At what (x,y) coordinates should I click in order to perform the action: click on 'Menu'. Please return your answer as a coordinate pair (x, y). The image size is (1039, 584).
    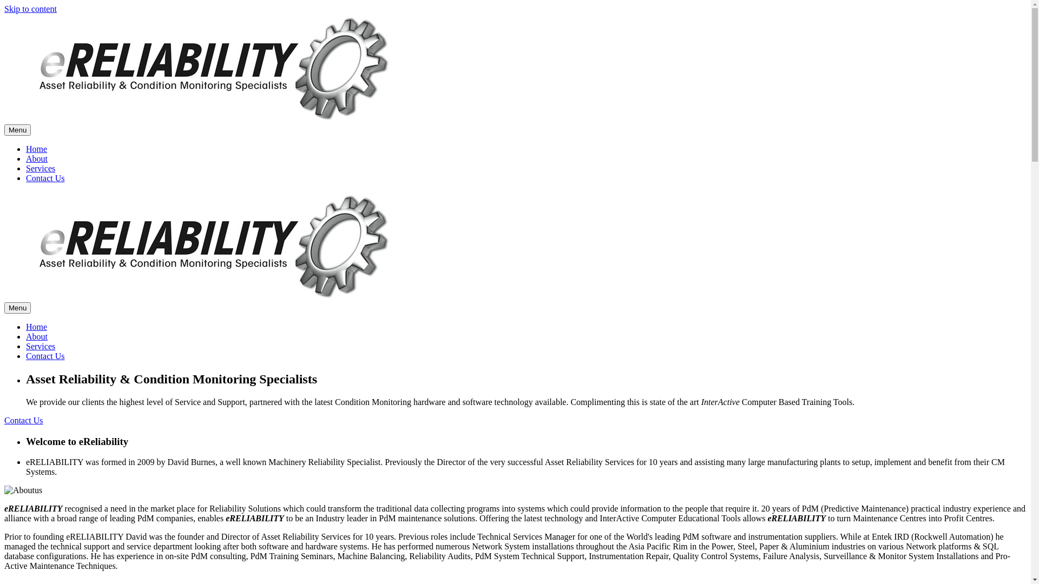
    Looking at the image, I should click on (17, 308).